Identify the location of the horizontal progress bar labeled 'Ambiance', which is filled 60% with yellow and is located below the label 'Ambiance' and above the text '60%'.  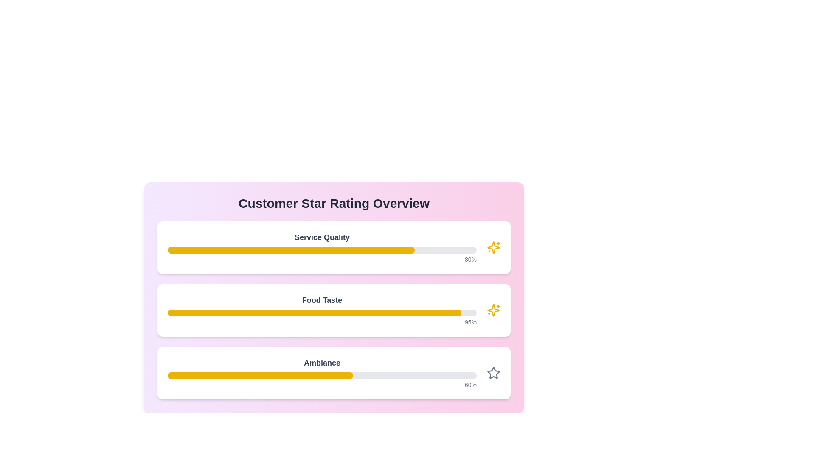
(321, 375).